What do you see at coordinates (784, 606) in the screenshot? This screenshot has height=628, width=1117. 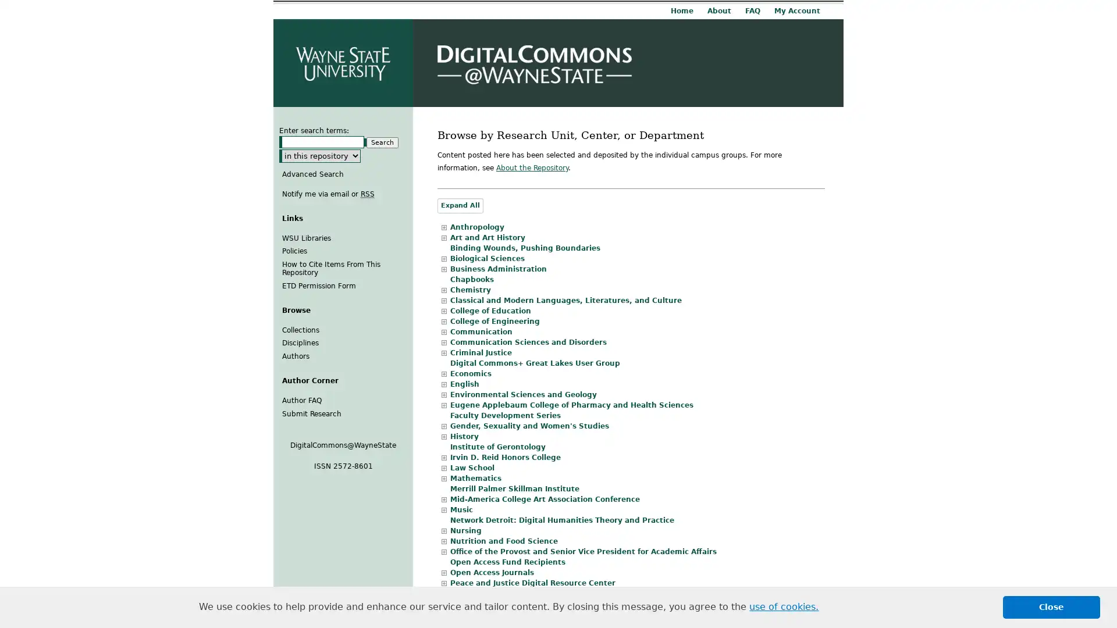 I see `learn more about cookies` at bounding box center [784, 606].